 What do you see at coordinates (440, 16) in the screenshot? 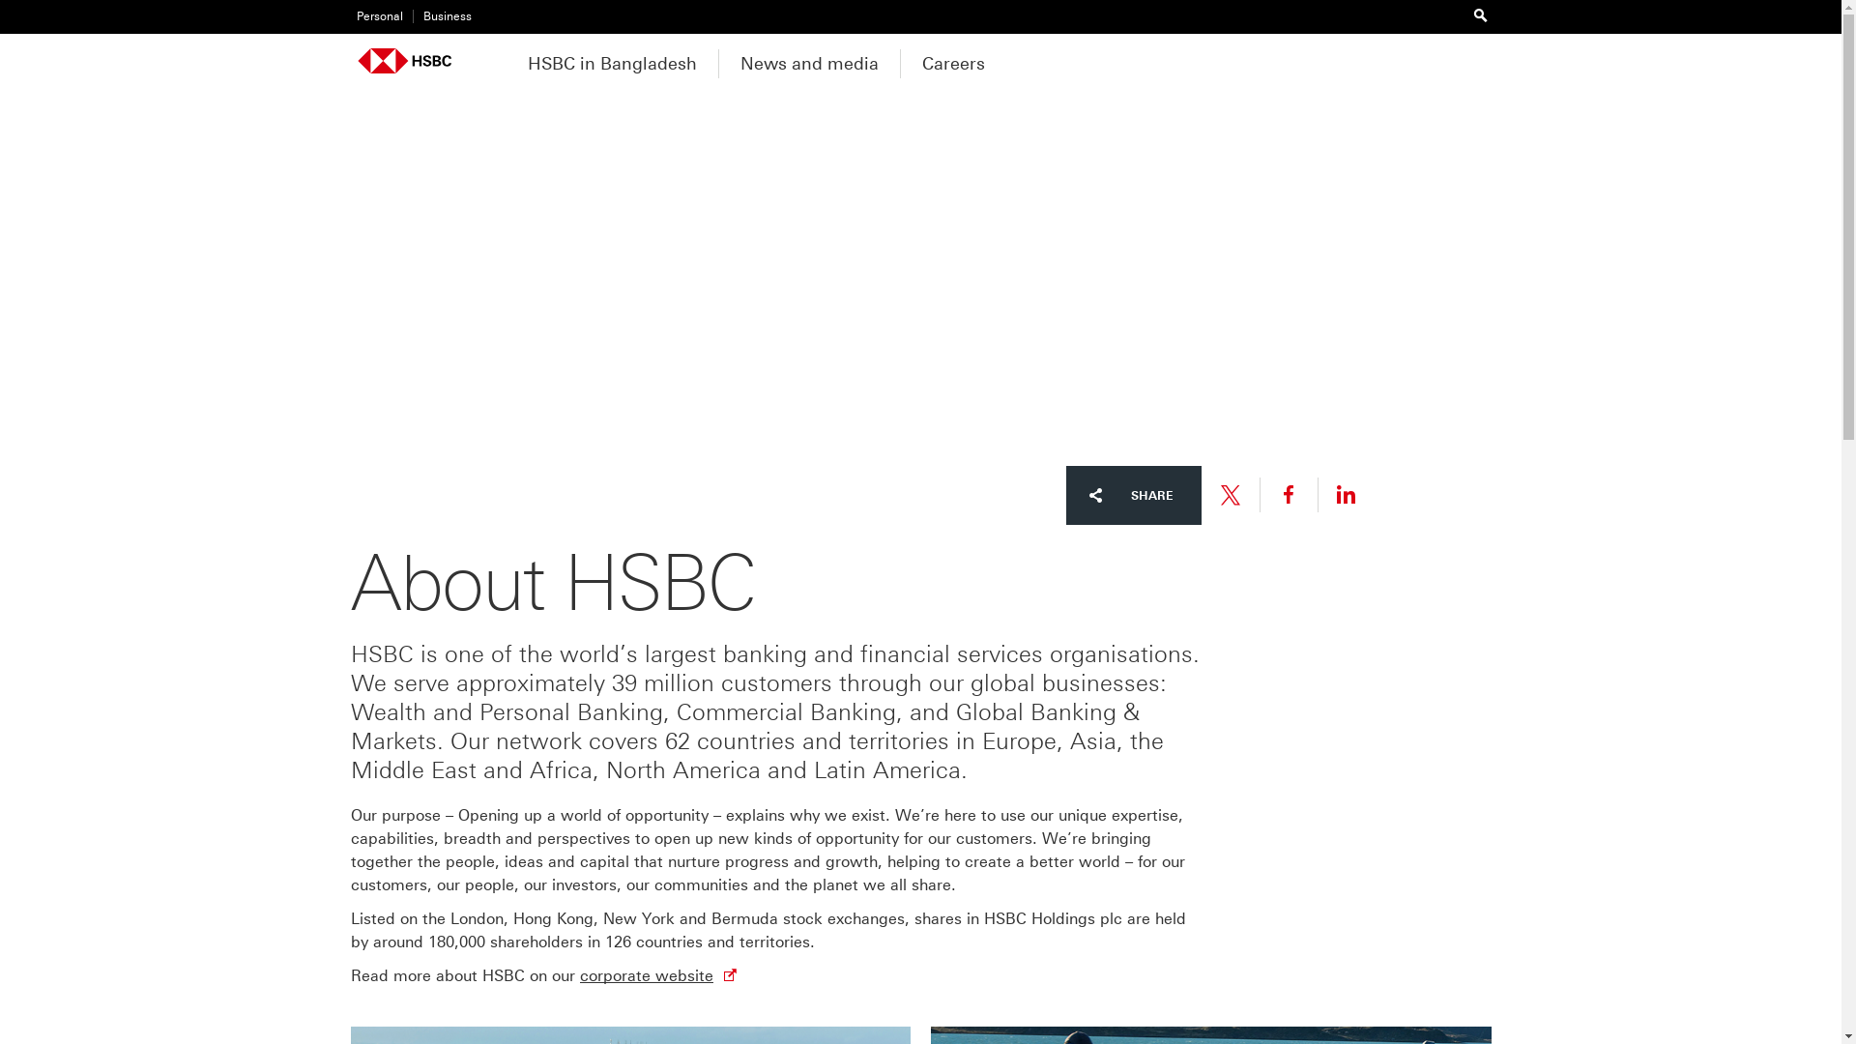
I see `'Business'` at bounding box center [440, 16].